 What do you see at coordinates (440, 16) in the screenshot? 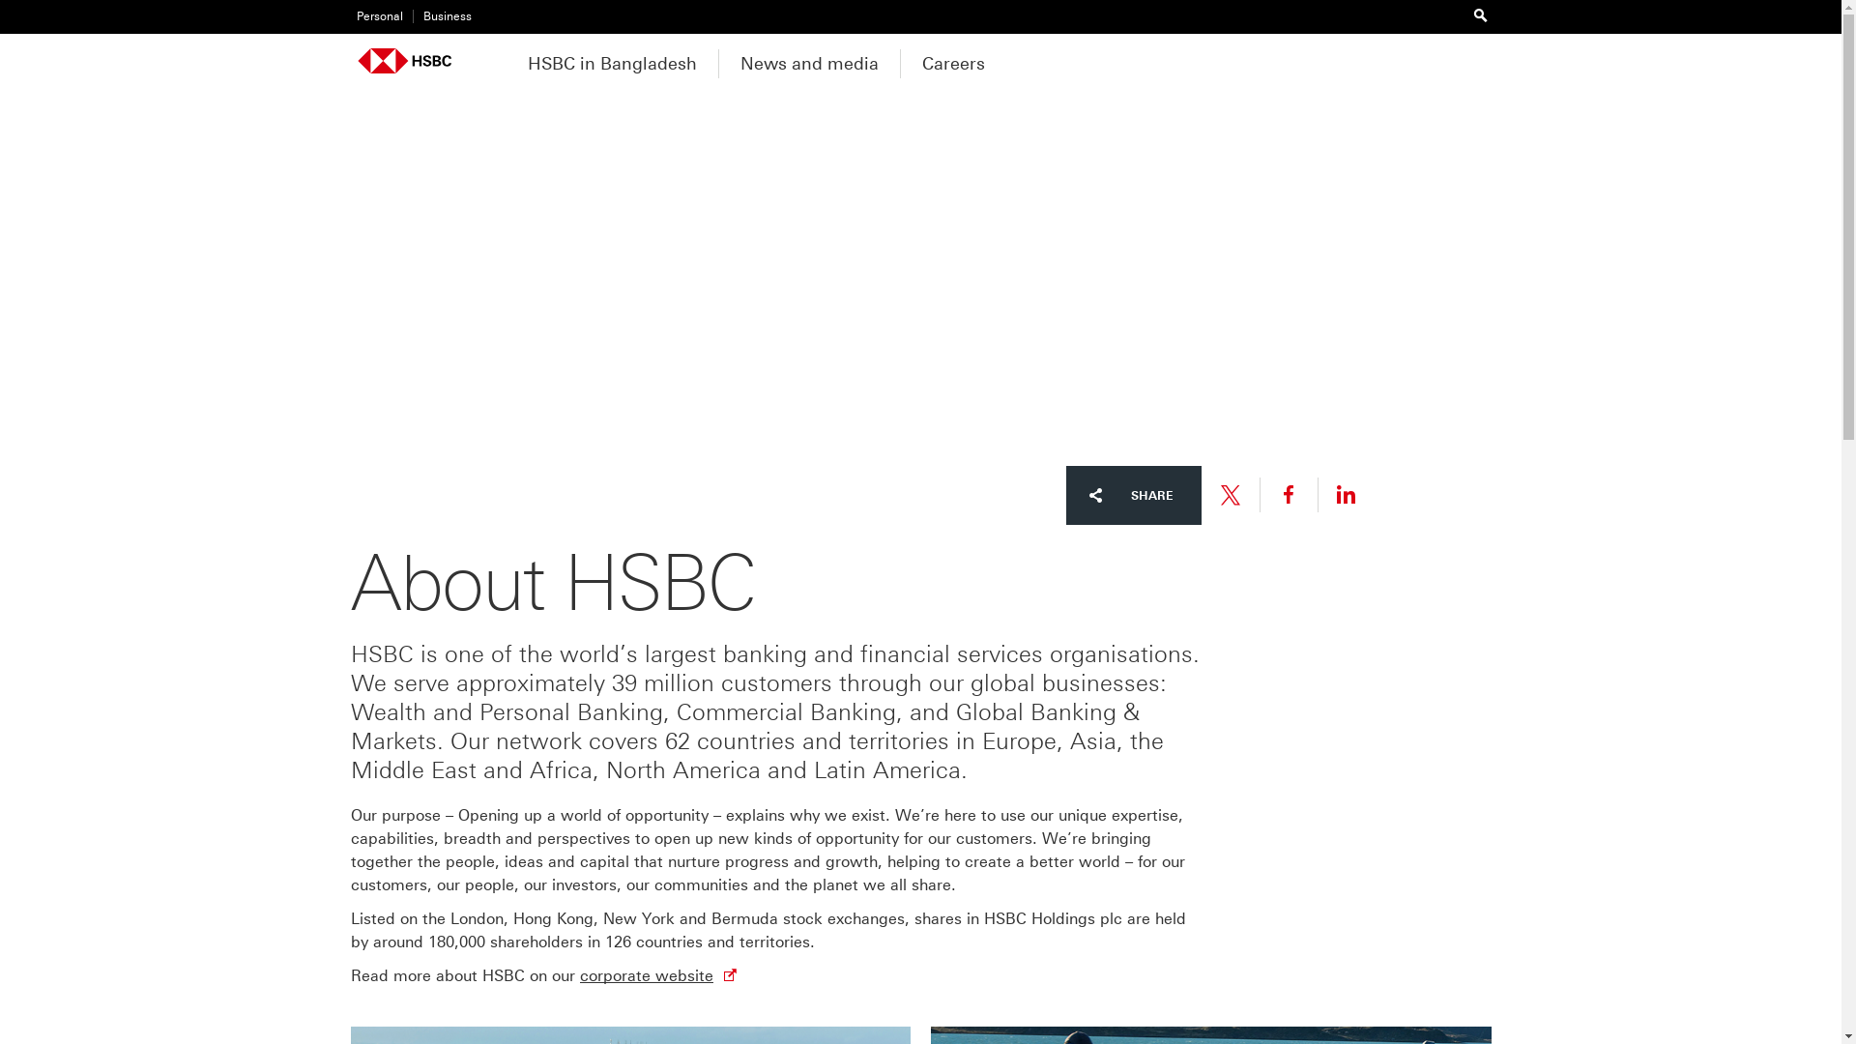
I see `'Business'` at bounding box center [440, 16].